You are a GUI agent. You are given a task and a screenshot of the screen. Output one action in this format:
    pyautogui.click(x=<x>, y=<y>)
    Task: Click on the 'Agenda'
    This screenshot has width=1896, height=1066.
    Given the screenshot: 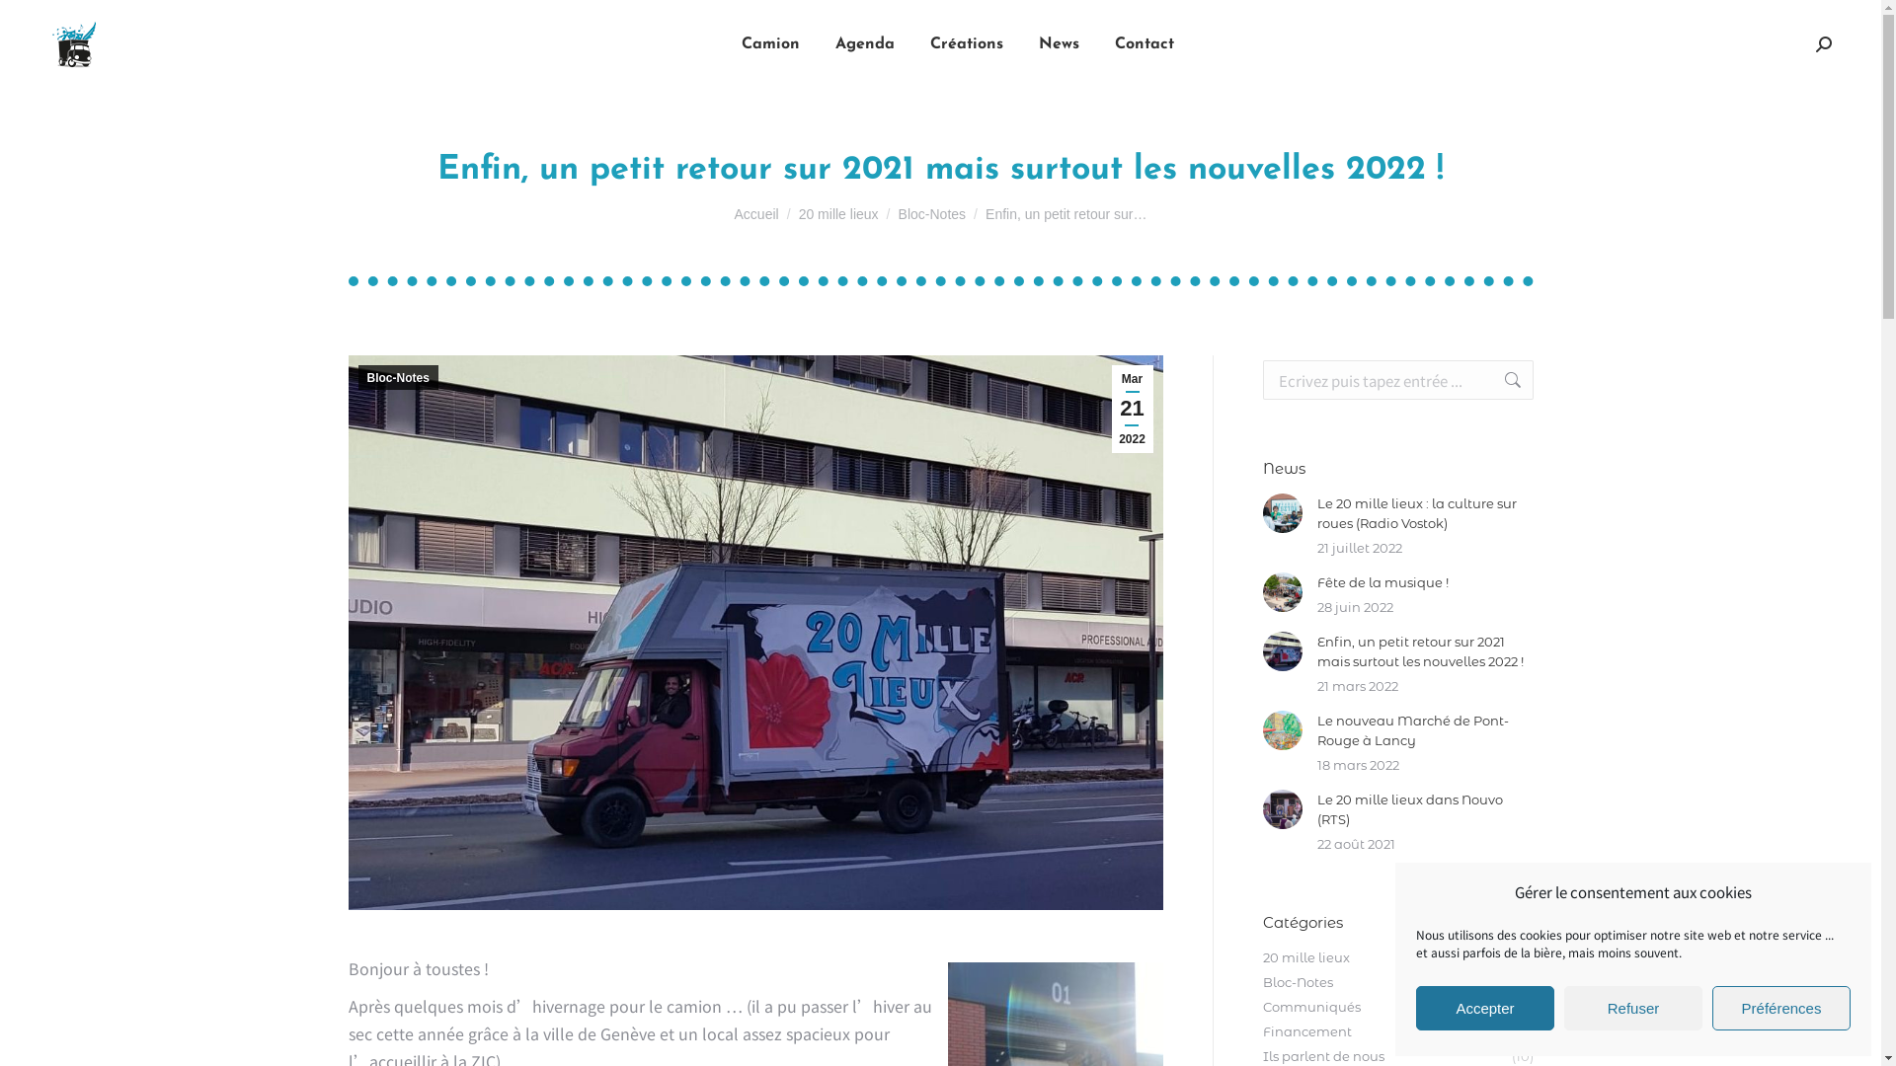 What is the action you would take?
    pyautogui.click(x=864, y=44)
    